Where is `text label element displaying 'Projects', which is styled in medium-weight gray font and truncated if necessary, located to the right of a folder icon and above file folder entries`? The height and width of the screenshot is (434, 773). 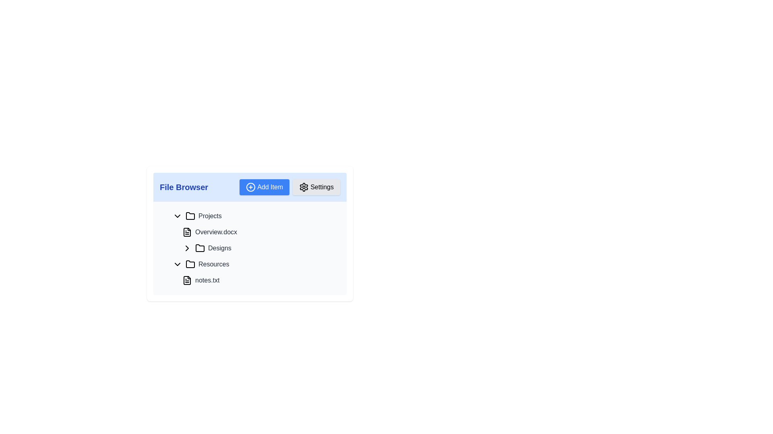
text label element displaying 'Projects', which is styled in medium-weight gray font and truncated if necessary, located to the right of a folder icon and above file folder entries is located at coordinates (210, 215).